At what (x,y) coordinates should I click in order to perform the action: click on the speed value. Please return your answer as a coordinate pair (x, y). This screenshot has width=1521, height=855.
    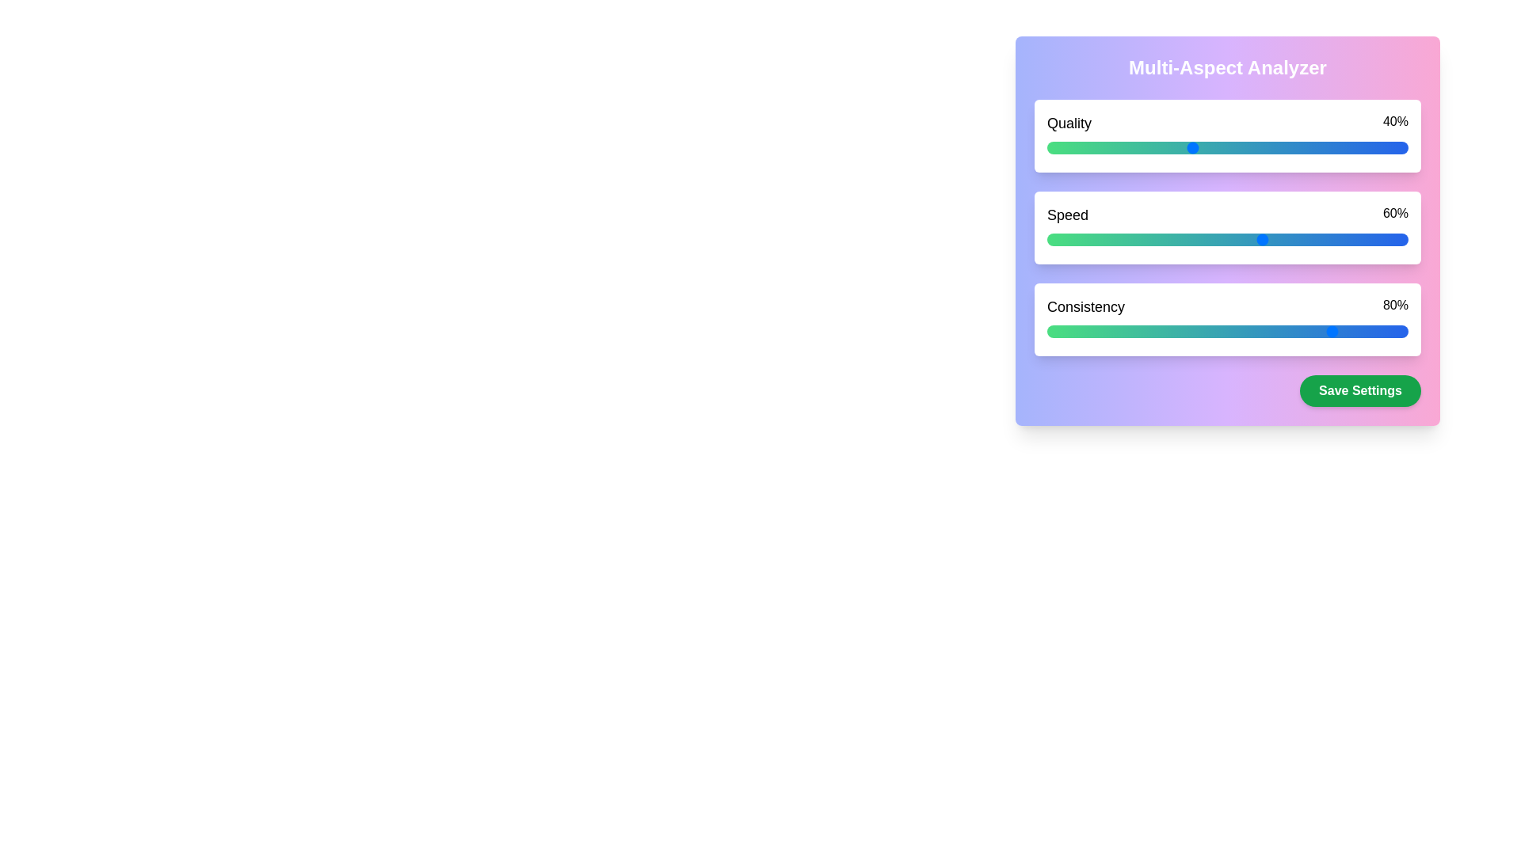
    Looking at the image, I should click on (1332, 240).